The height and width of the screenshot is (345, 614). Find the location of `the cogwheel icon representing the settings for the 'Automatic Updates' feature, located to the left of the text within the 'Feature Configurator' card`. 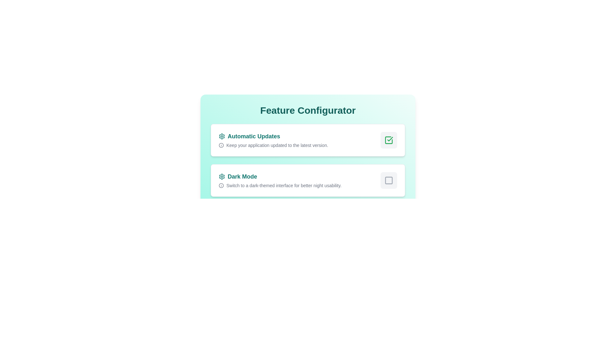

the cogwheel icon representing the settings for the 'Automatic Updates' feature, located to the left of the text within the 'Feature Configurator' card is located at coordinates (222, 136).